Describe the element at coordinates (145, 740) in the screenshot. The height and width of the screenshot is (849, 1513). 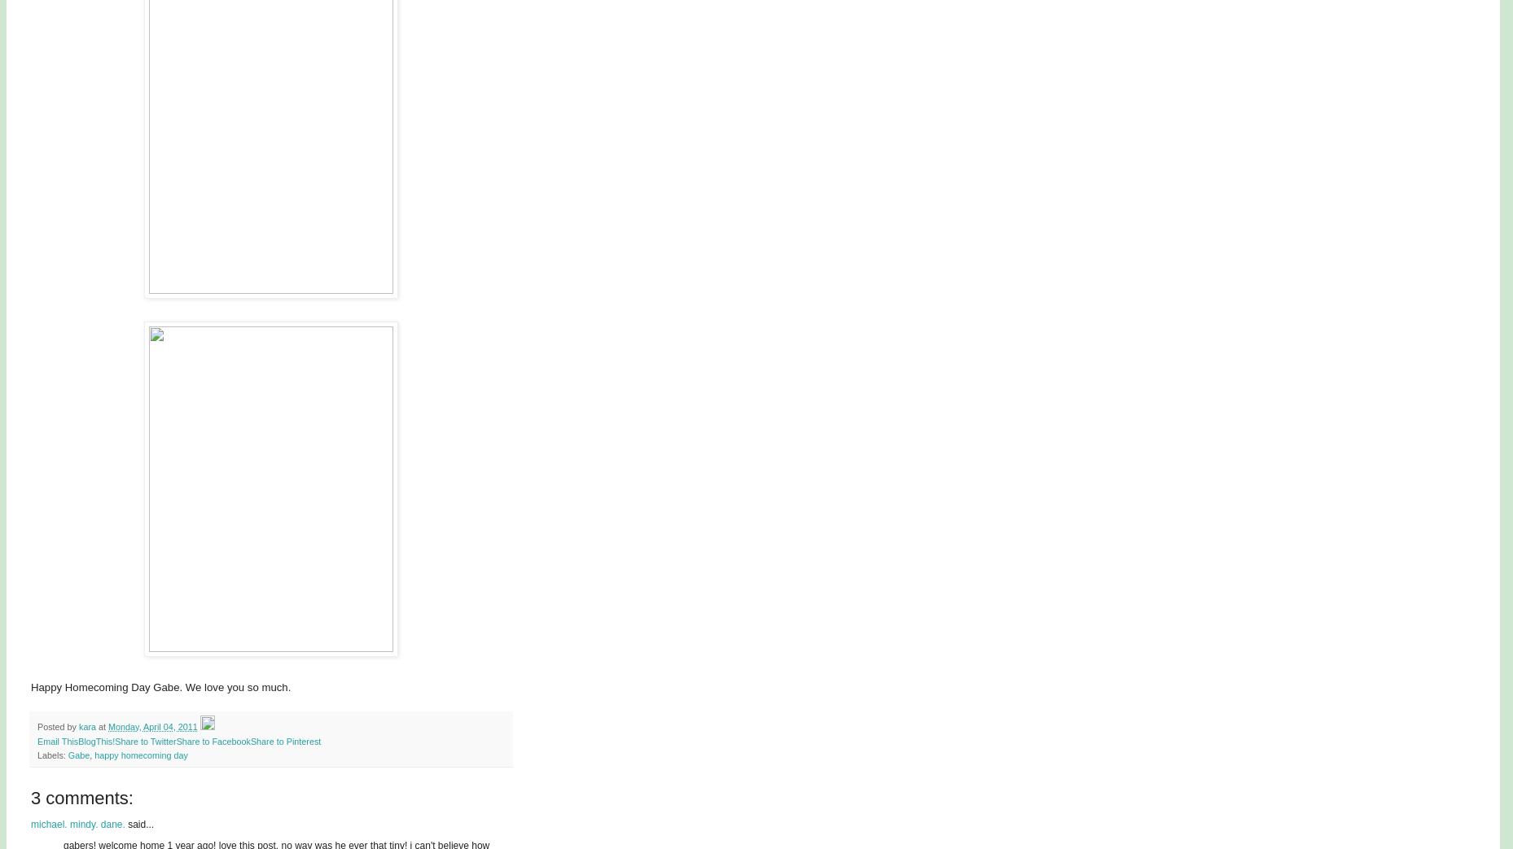
I see `'Share to Twitter'` at that location.